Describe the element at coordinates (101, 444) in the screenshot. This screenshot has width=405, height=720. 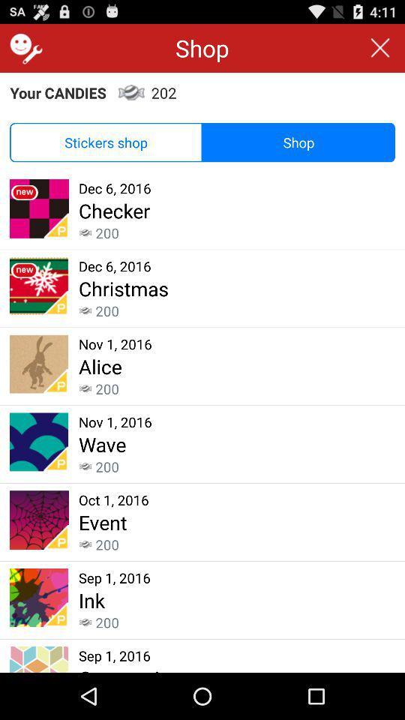
I see `icon above the 200 item` at that location.